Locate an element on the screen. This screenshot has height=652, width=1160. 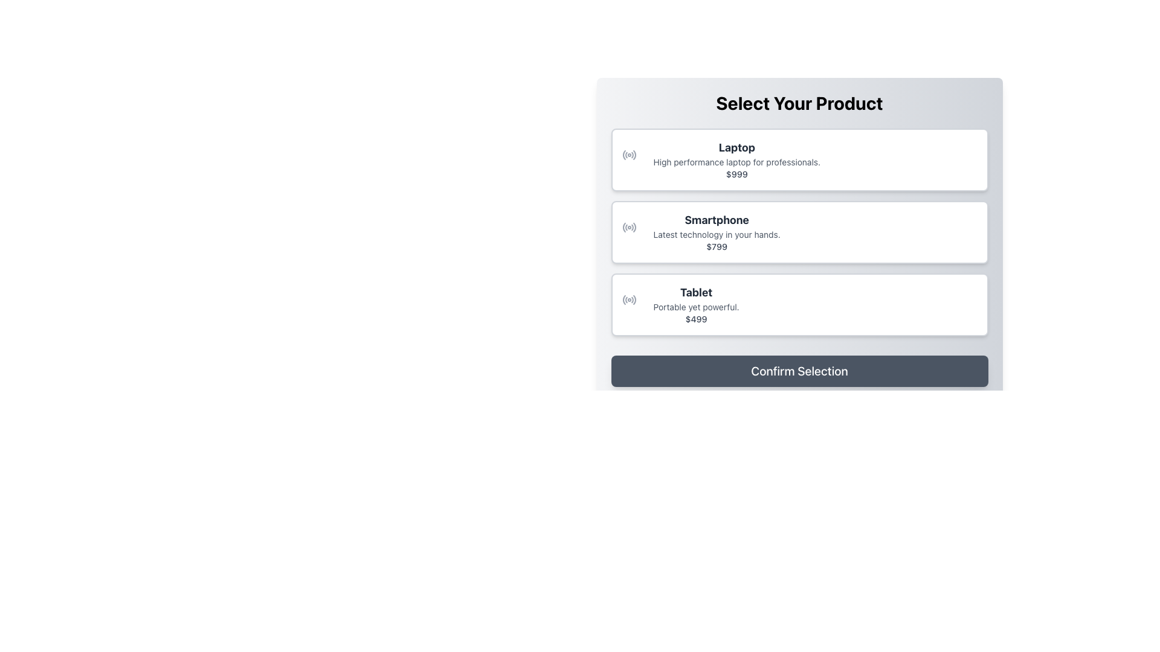
the selectable list item for the product 'Smartphone' in the product selection menu, which is the second choice below 'Laptop' and above 'Tablet' is located at coordinates (799, 240).